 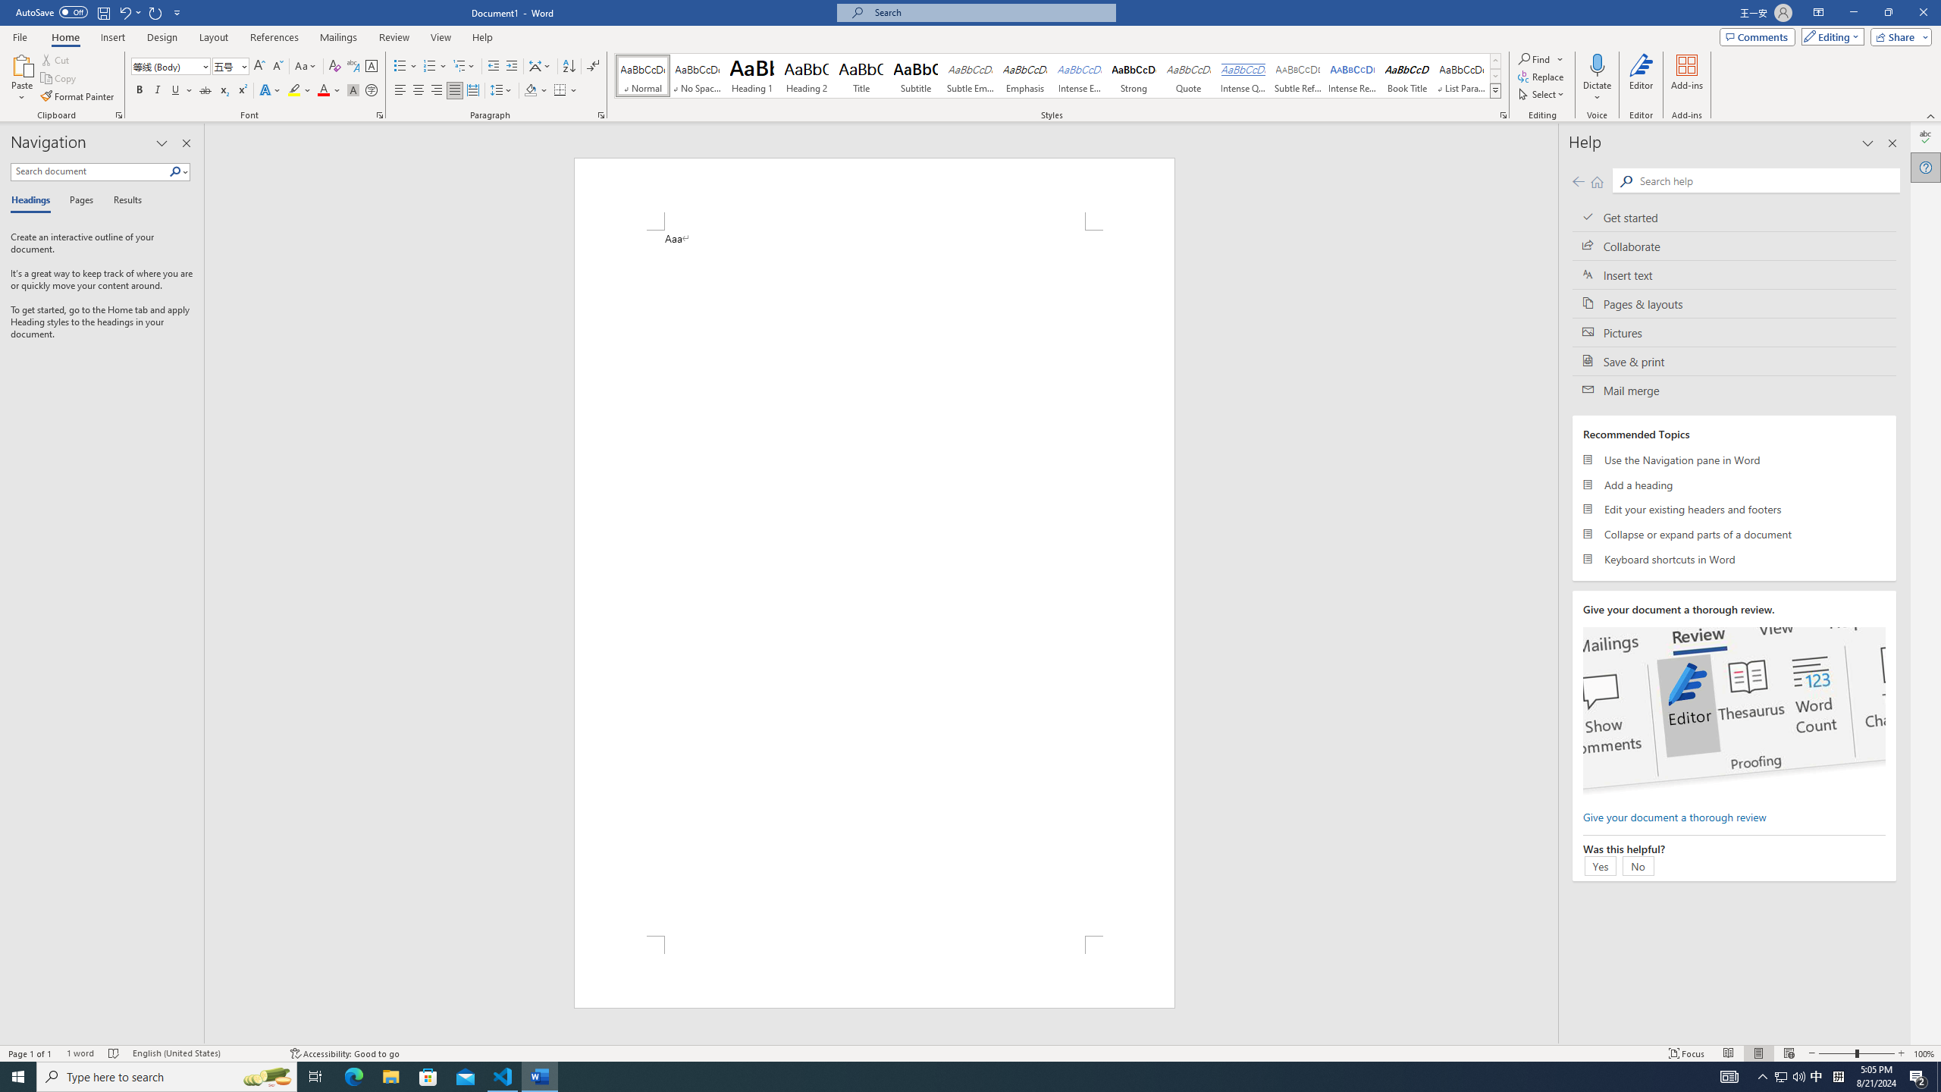 I want to click on 'Save', so click(x=102, y=11).